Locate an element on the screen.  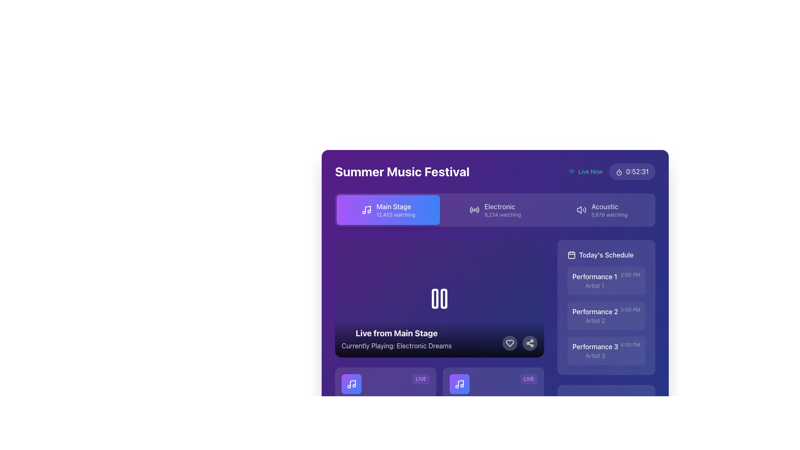
the text content of the 'Main Stage' information display, which shows the label and viewer count, located far left in the top horizontal group near the music icon is located at coordinates (395, 210).